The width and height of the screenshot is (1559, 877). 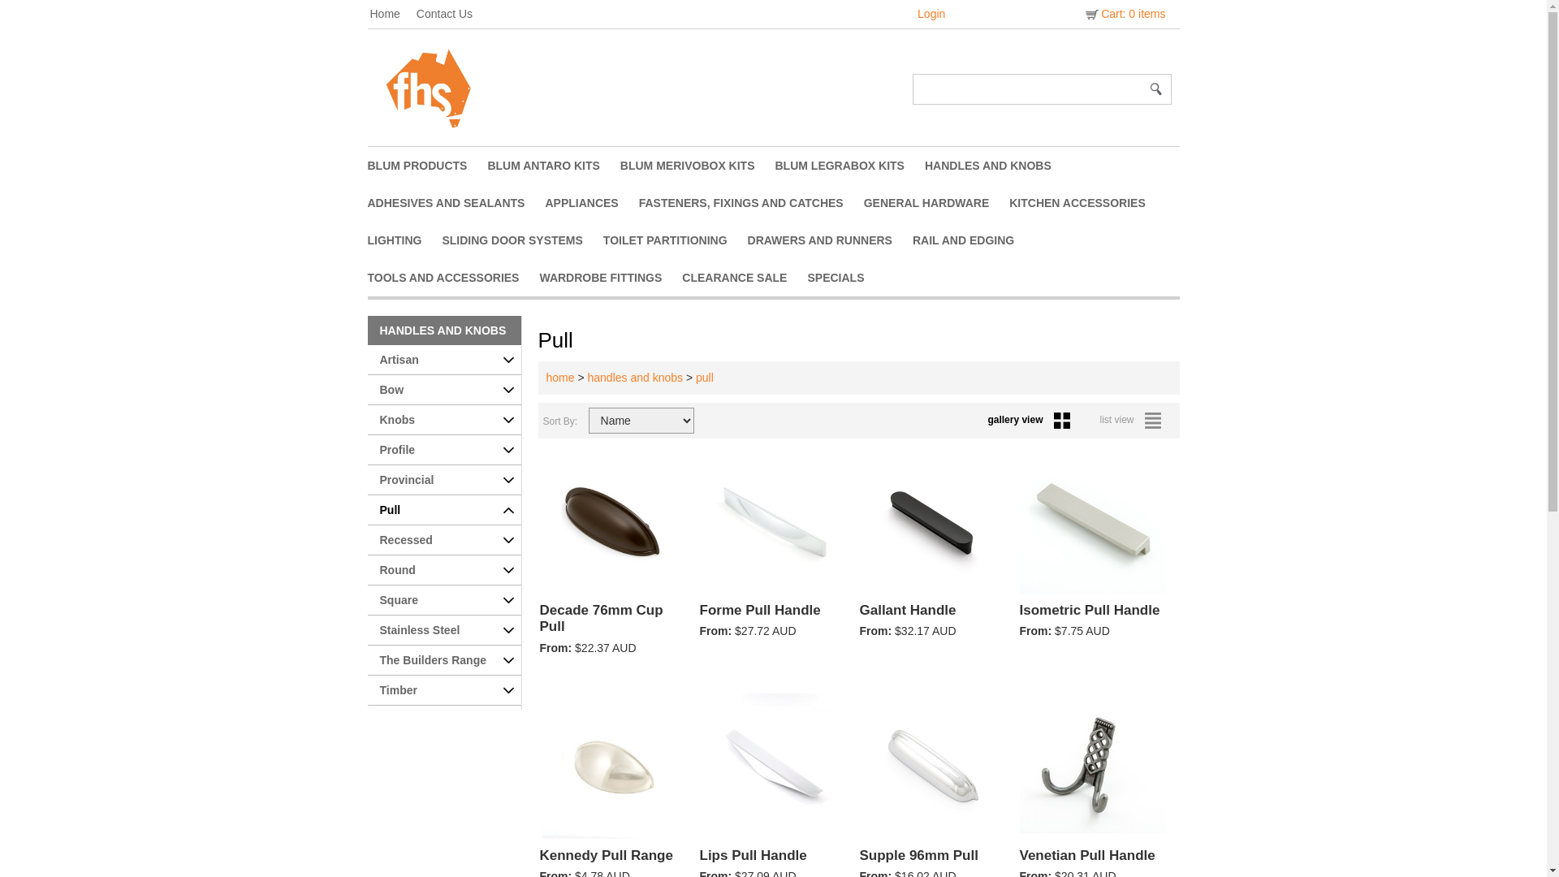 I want to click on 'APPLIANCES', so click(x=590, y=202).